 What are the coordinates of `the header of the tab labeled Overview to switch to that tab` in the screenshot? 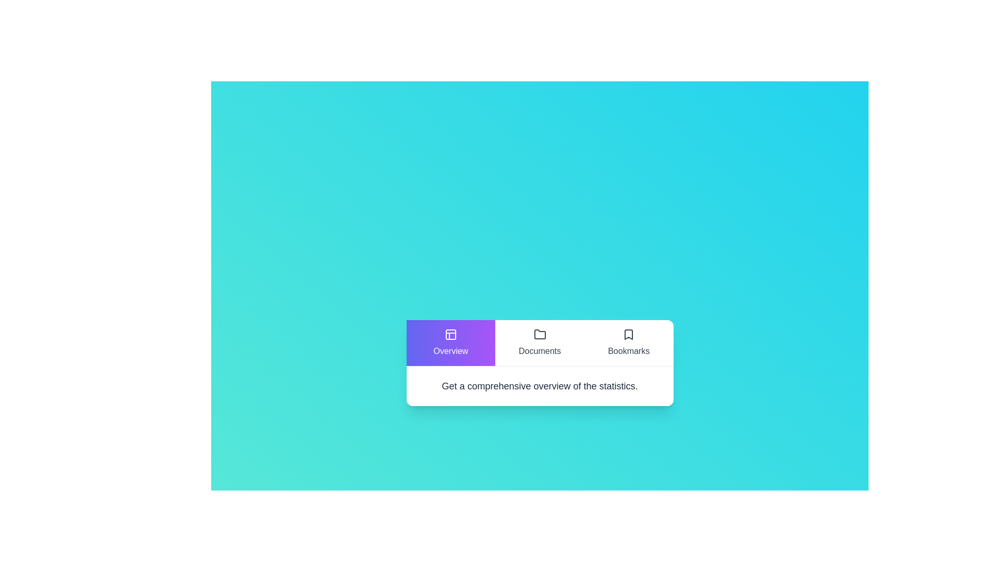 It's located at (450, 342).